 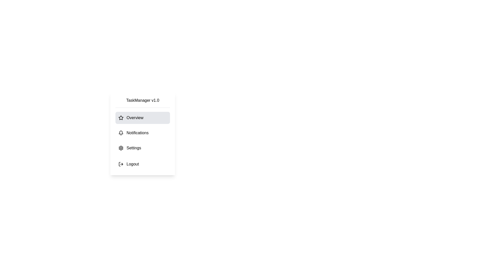 What do you see at coordinates (142, 133) in the screenshot?
I see `the 'Notifications' button in the vertical navigation menu located in the middle left section of the sidebar panel` at bounding box center [142, 133].